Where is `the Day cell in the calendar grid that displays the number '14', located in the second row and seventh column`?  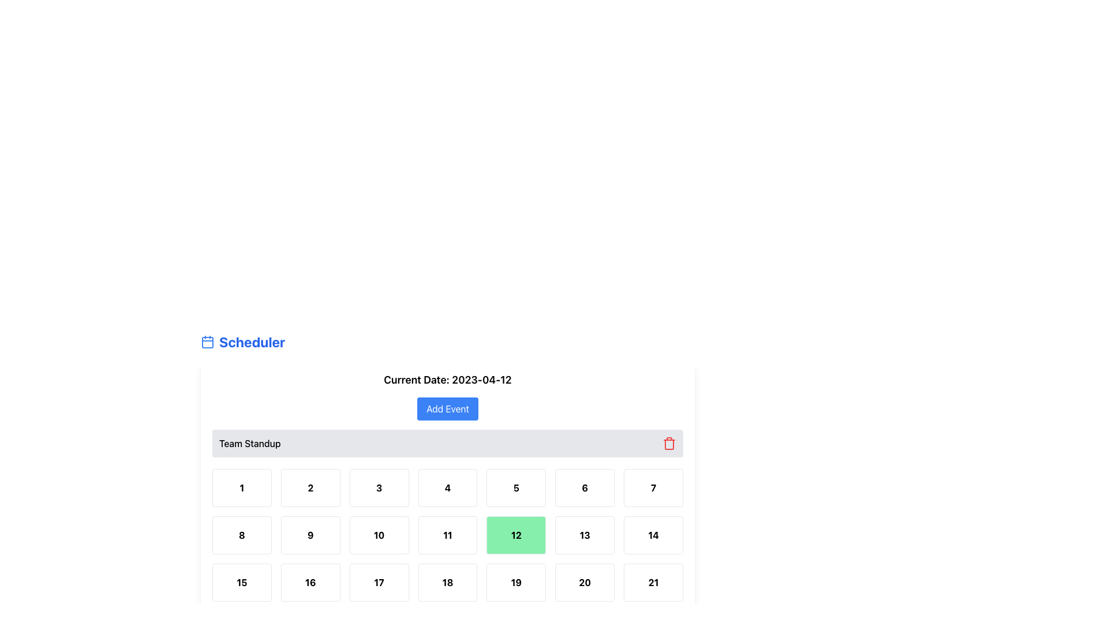
the Day cell in the calendar grid that displays the number '14', located in the second row and seventh column is located at coordinates (653, 535).